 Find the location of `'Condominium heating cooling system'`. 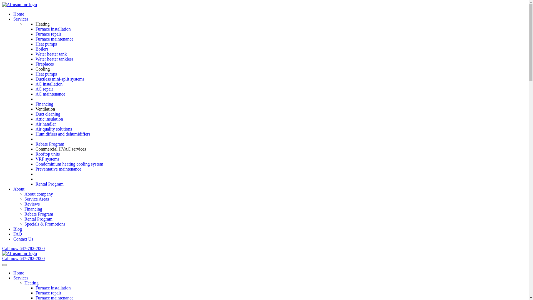

'Condominium heating cooling system' is located at coordinates (69, 164).